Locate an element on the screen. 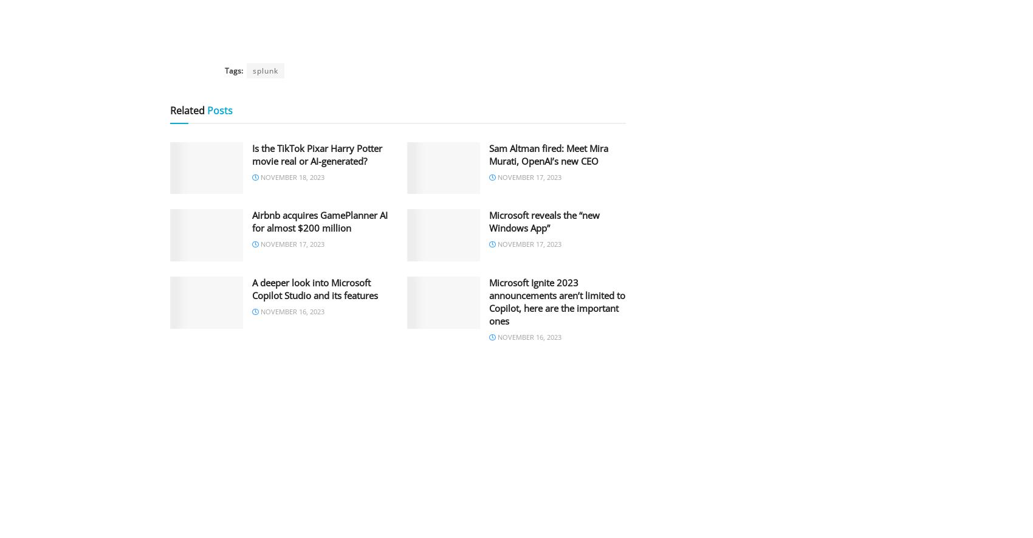  'Airbnb acquires GamePlanner AI for almost $200 million' is located at coordinates (251, 221).